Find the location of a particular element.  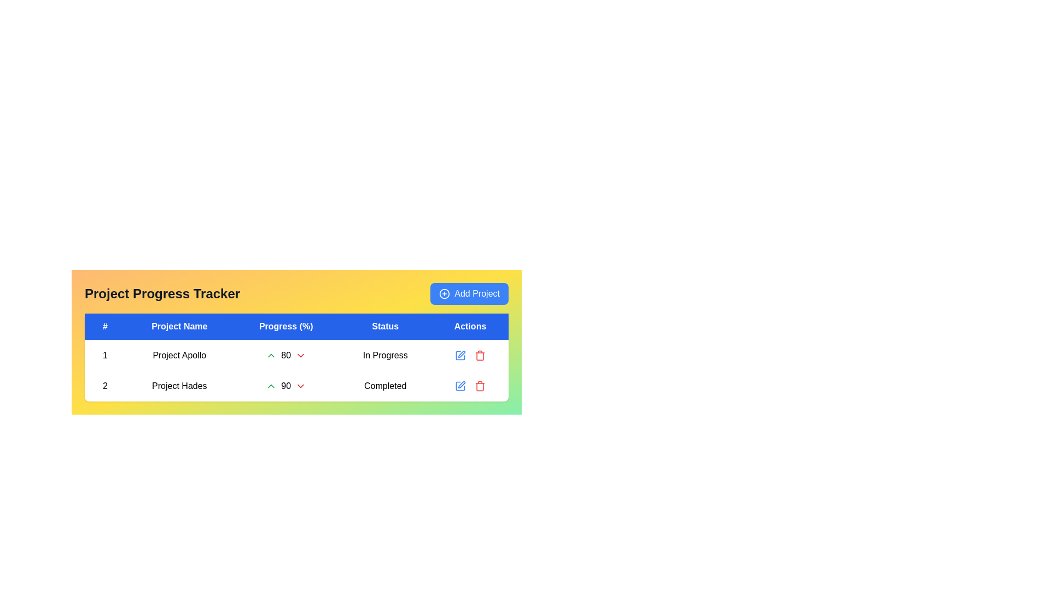

the cell displaying the number '2' in bold black text, located under the '#' column is located at coordinates (105, 385).